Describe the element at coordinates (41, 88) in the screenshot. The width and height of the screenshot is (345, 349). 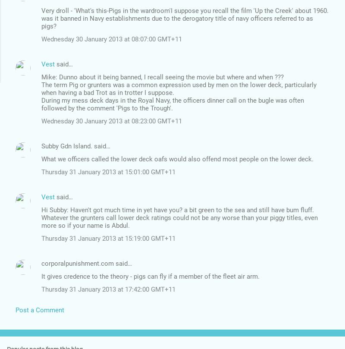
I see `'The term Pig or grunters was a common expression used by men on the lower deck, particularly when having a bad Trot as in trotter I suppose.'` at that location.